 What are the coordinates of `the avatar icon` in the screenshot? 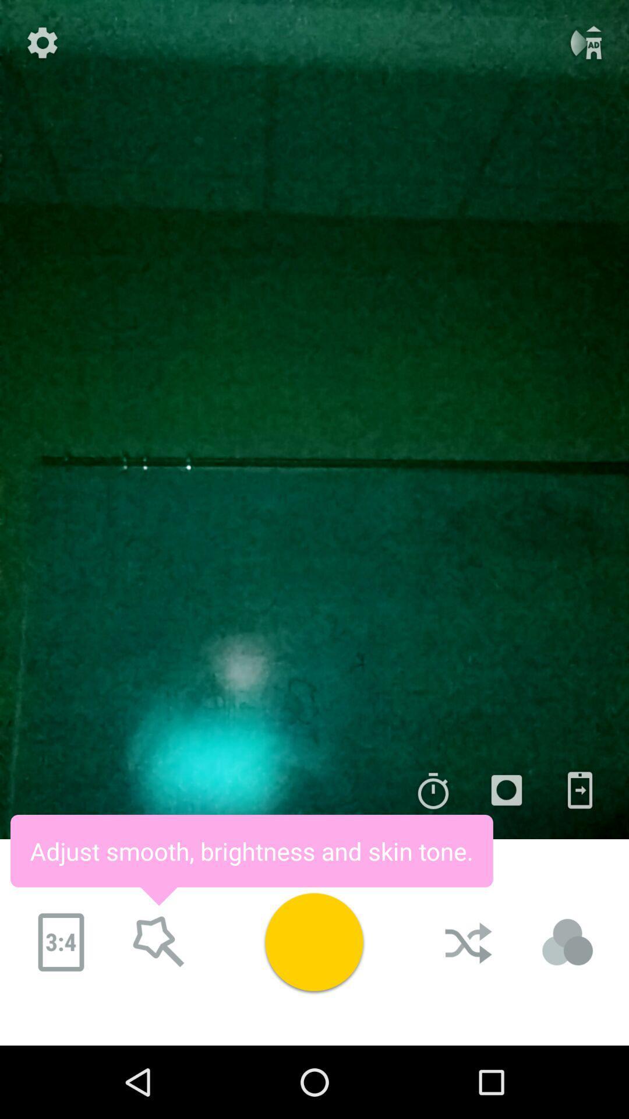 It's located at (567, 942).